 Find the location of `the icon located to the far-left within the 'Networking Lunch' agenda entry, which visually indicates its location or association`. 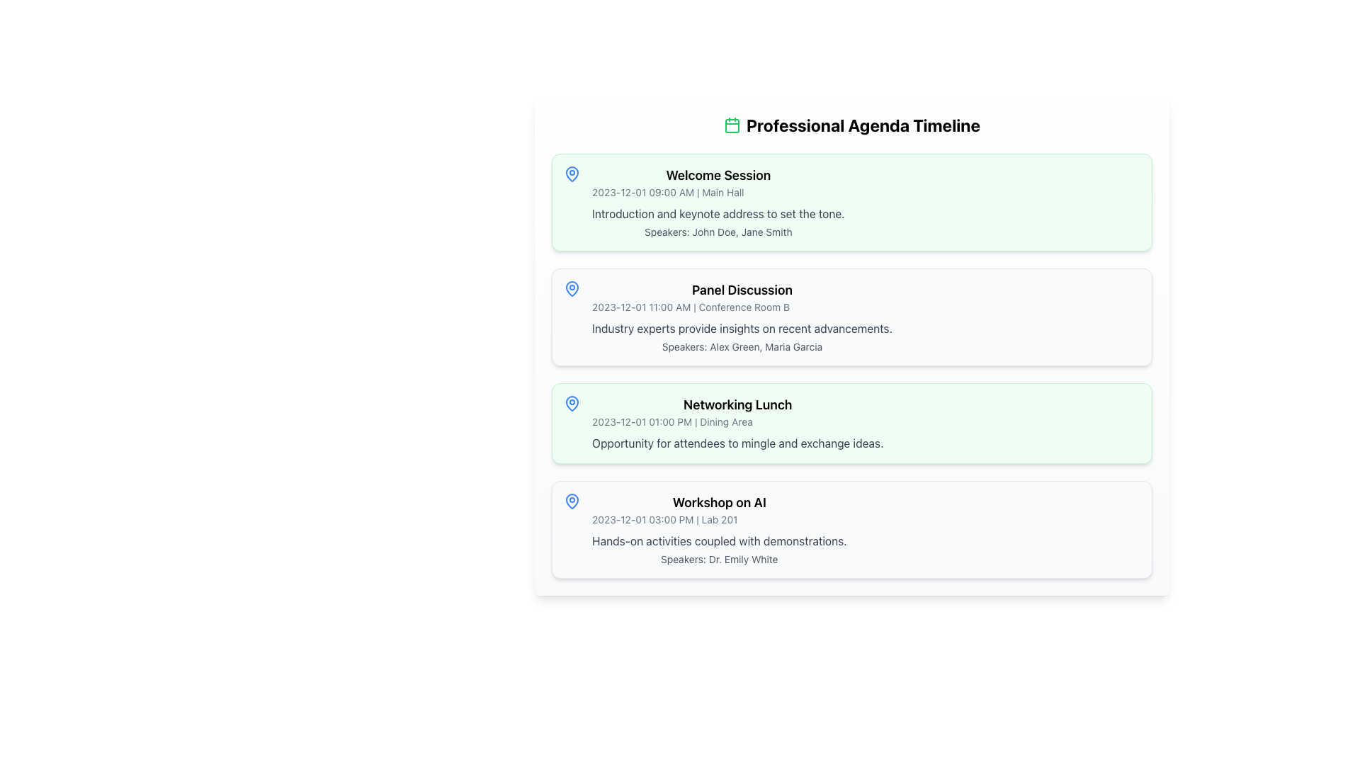

the icon located to the far-left within the 'Networking Lunch' agenda entry, which visually indicates its location or association is located at coordinates (572, 403).